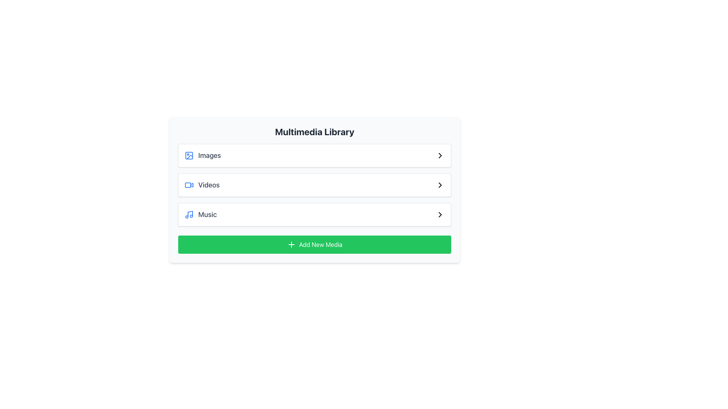 The image size is (728, 409). Describe the element at coordinates (209, 185) in the screenshot. I see `the 'Videos' text label, which is displayed in a medium-sized, bold gray font, located as the second item in a vertical list of categories` at that location.